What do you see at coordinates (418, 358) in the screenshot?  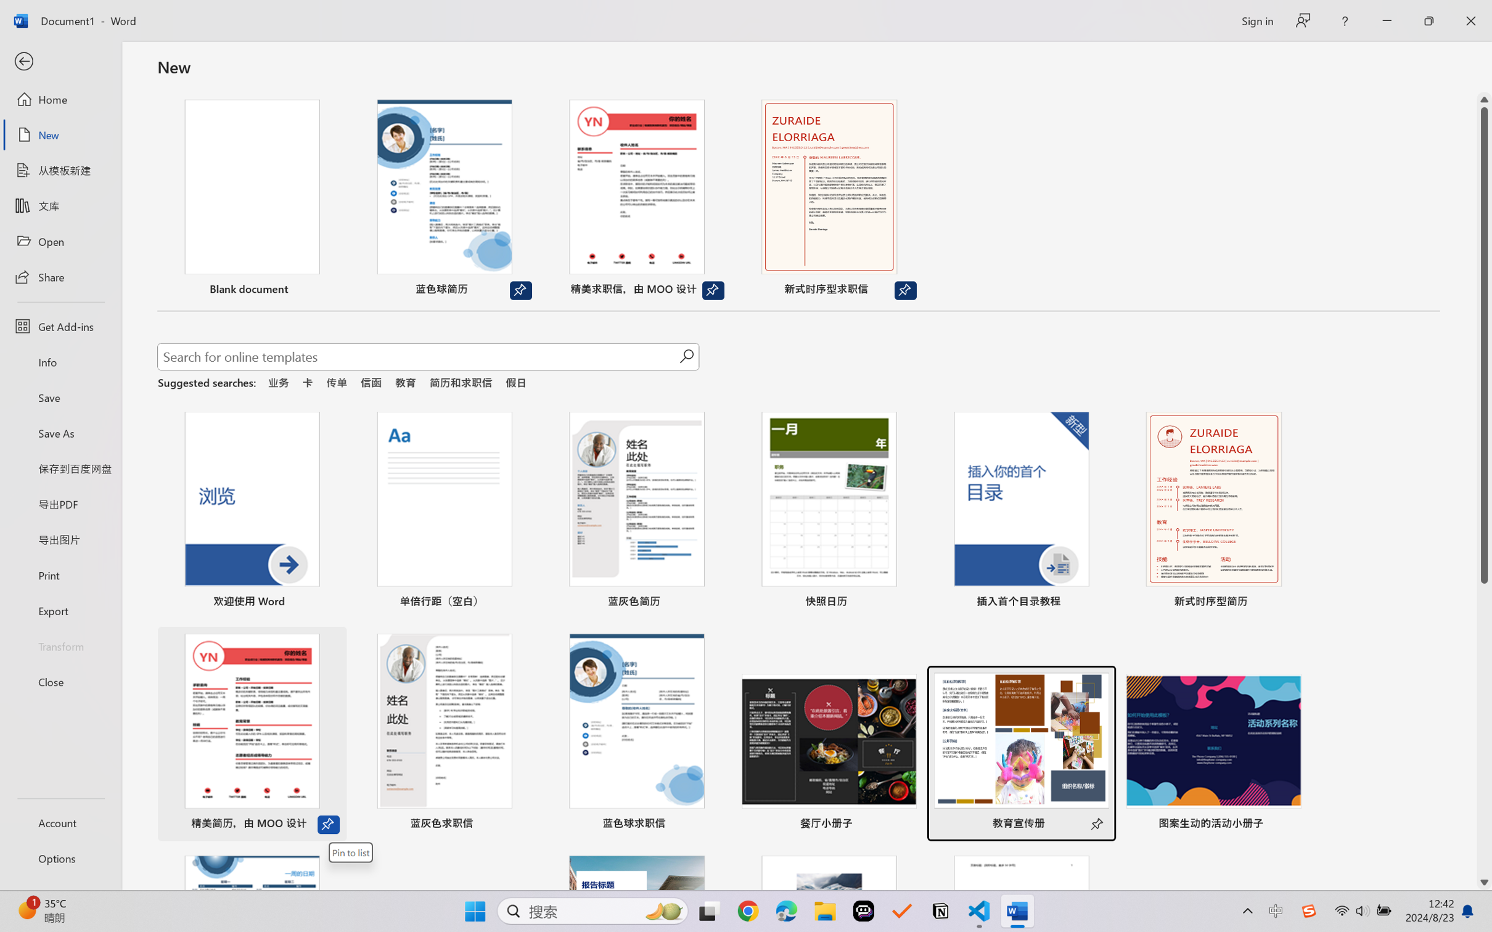 I see `'Search for online templates'` at bounding box center [418, 358].